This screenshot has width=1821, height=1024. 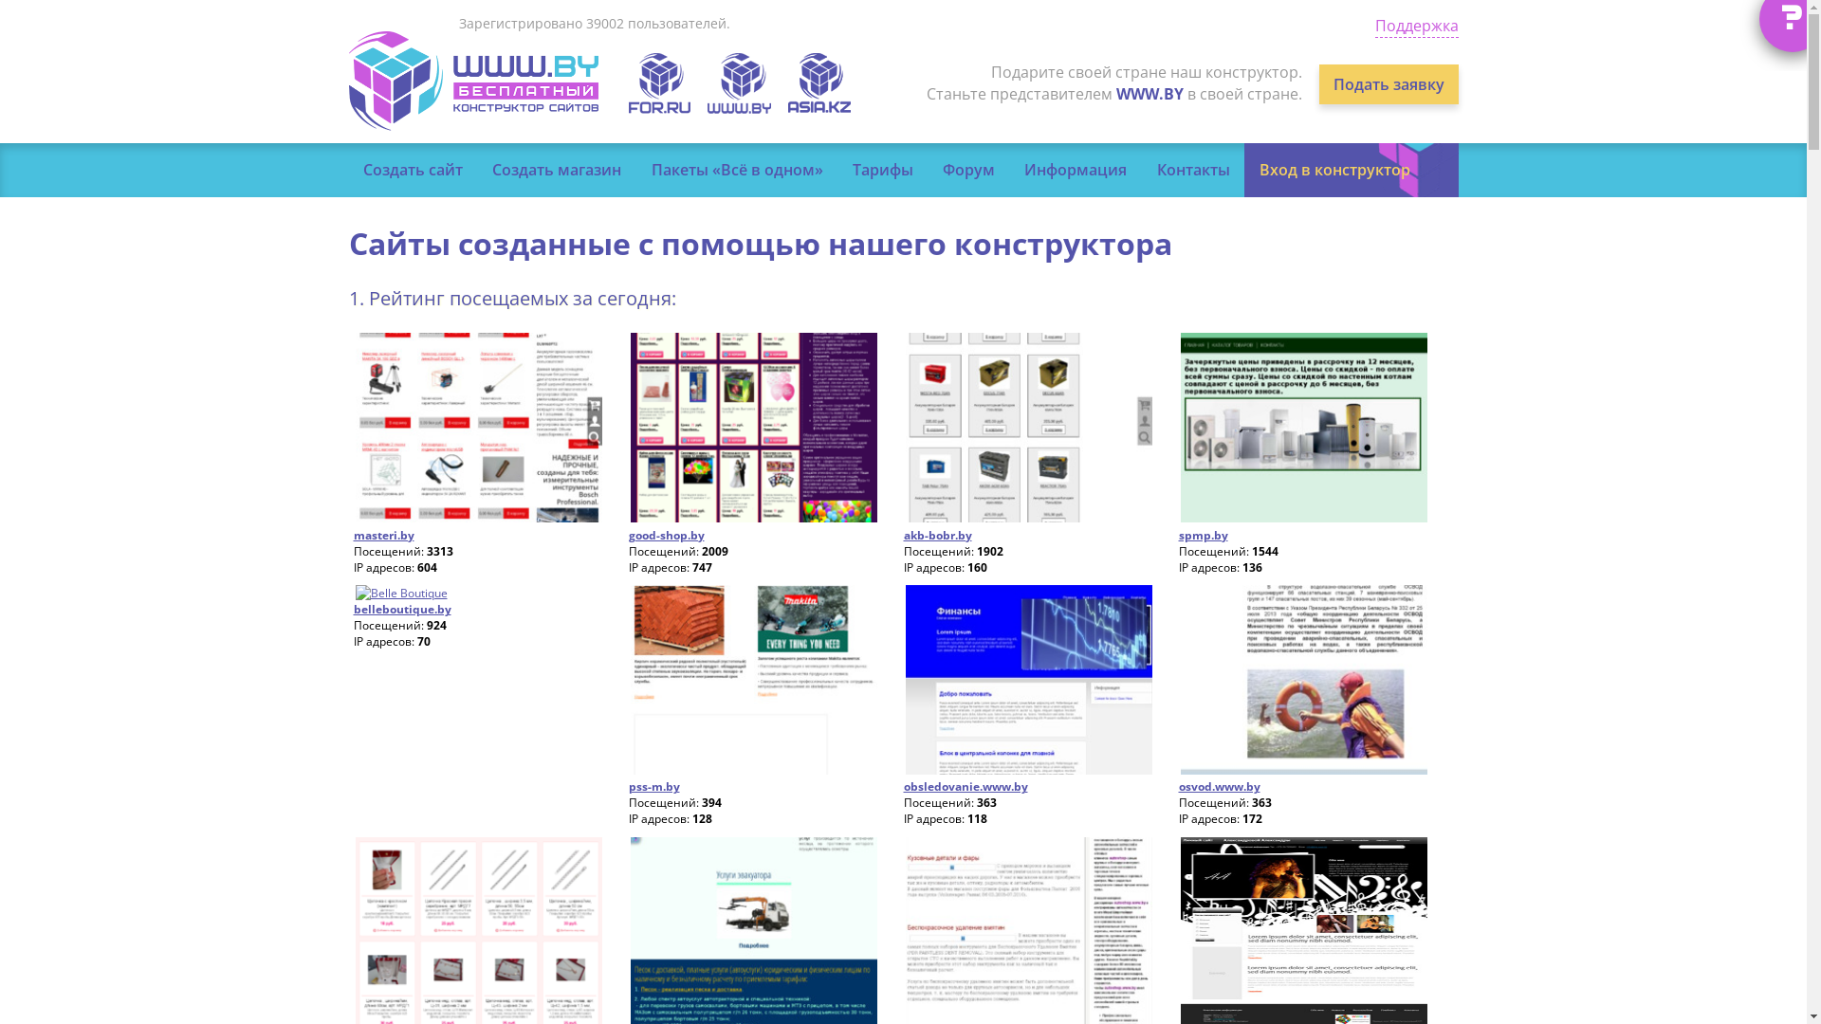 I want to click on 'Belle Boutique', so click(x=353, y=592).